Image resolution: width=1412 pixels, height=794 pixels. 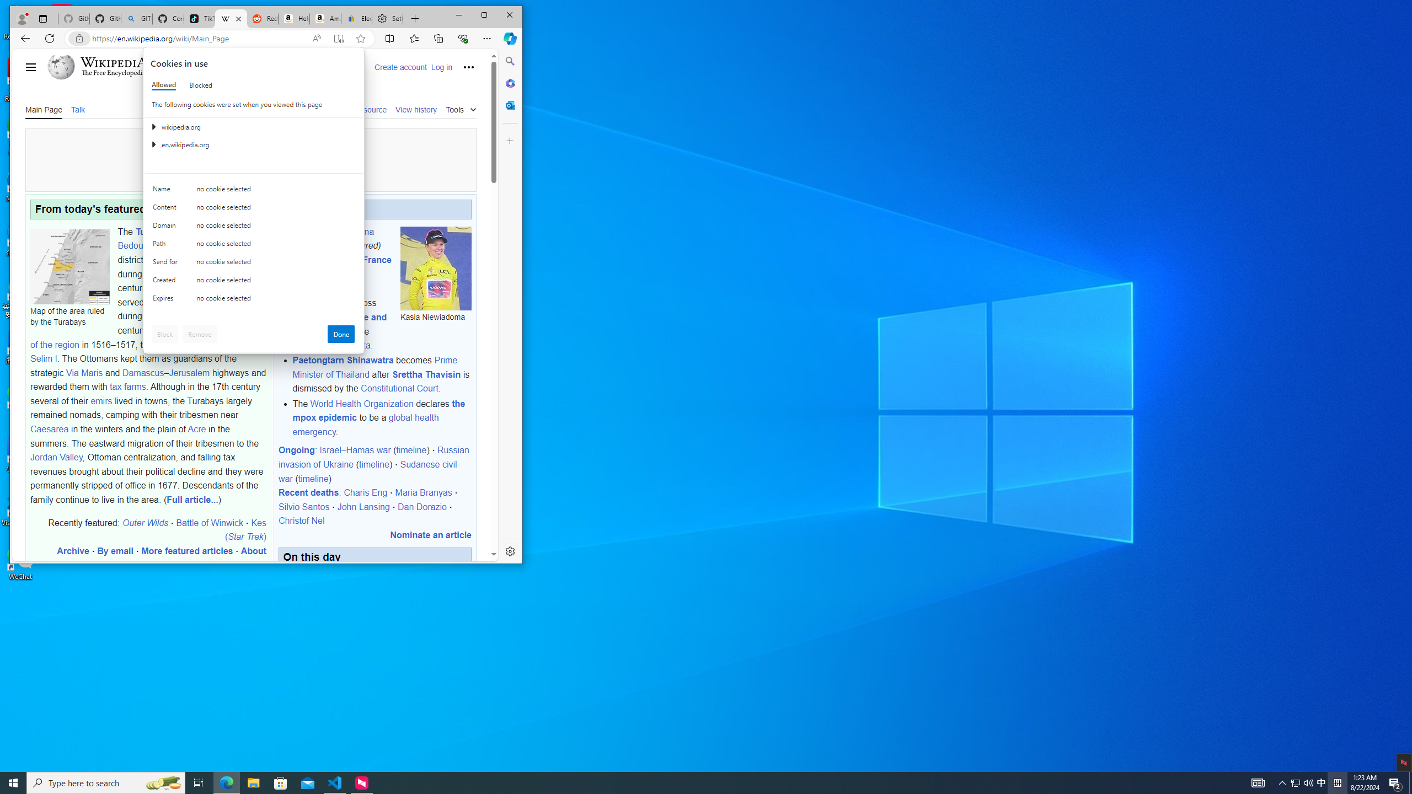 I want to click on 'User Promoted Notification Area', so click(x=1302, y=782).